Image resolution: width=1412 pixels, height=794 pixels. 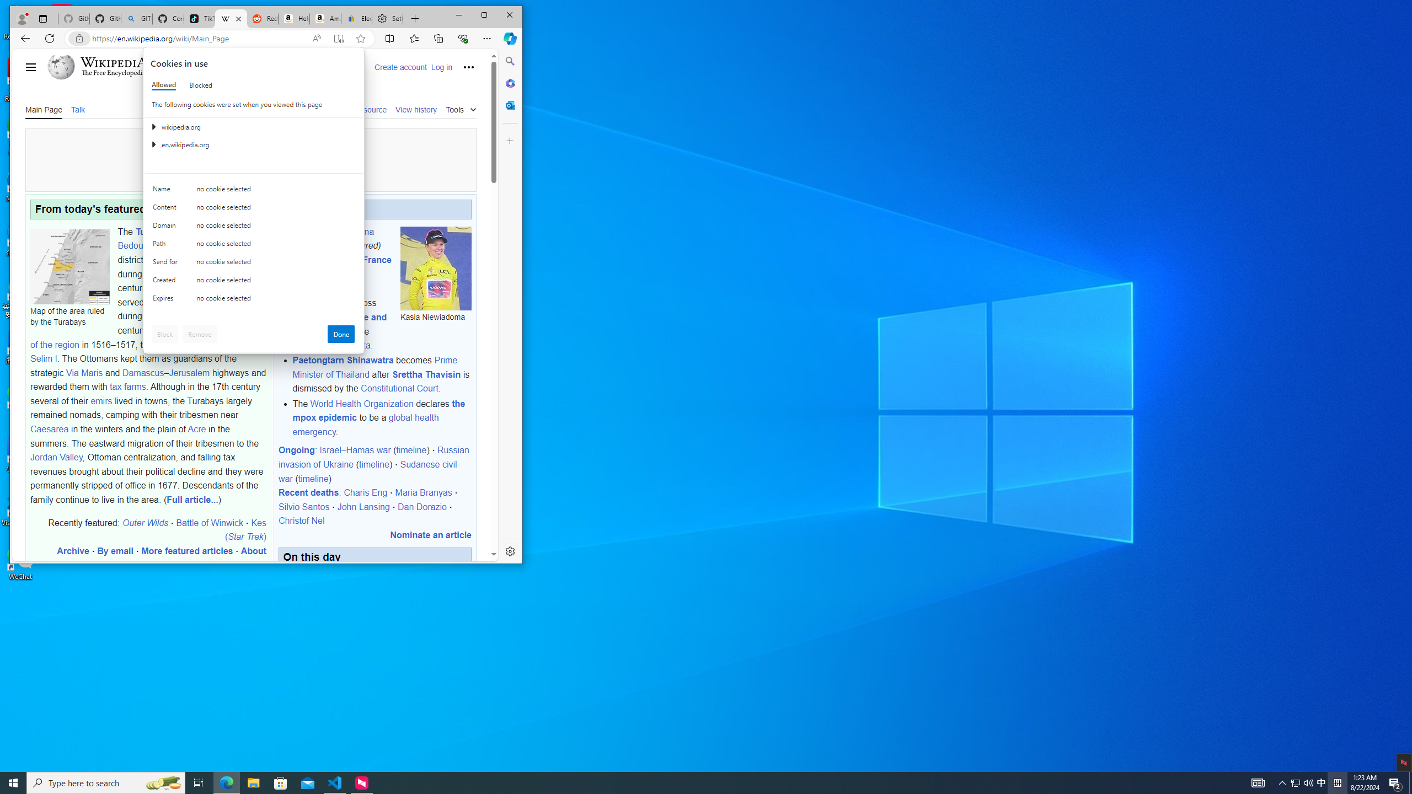 I want to click on 'User Promoted Notification Area', so click(x=1302, y=782).